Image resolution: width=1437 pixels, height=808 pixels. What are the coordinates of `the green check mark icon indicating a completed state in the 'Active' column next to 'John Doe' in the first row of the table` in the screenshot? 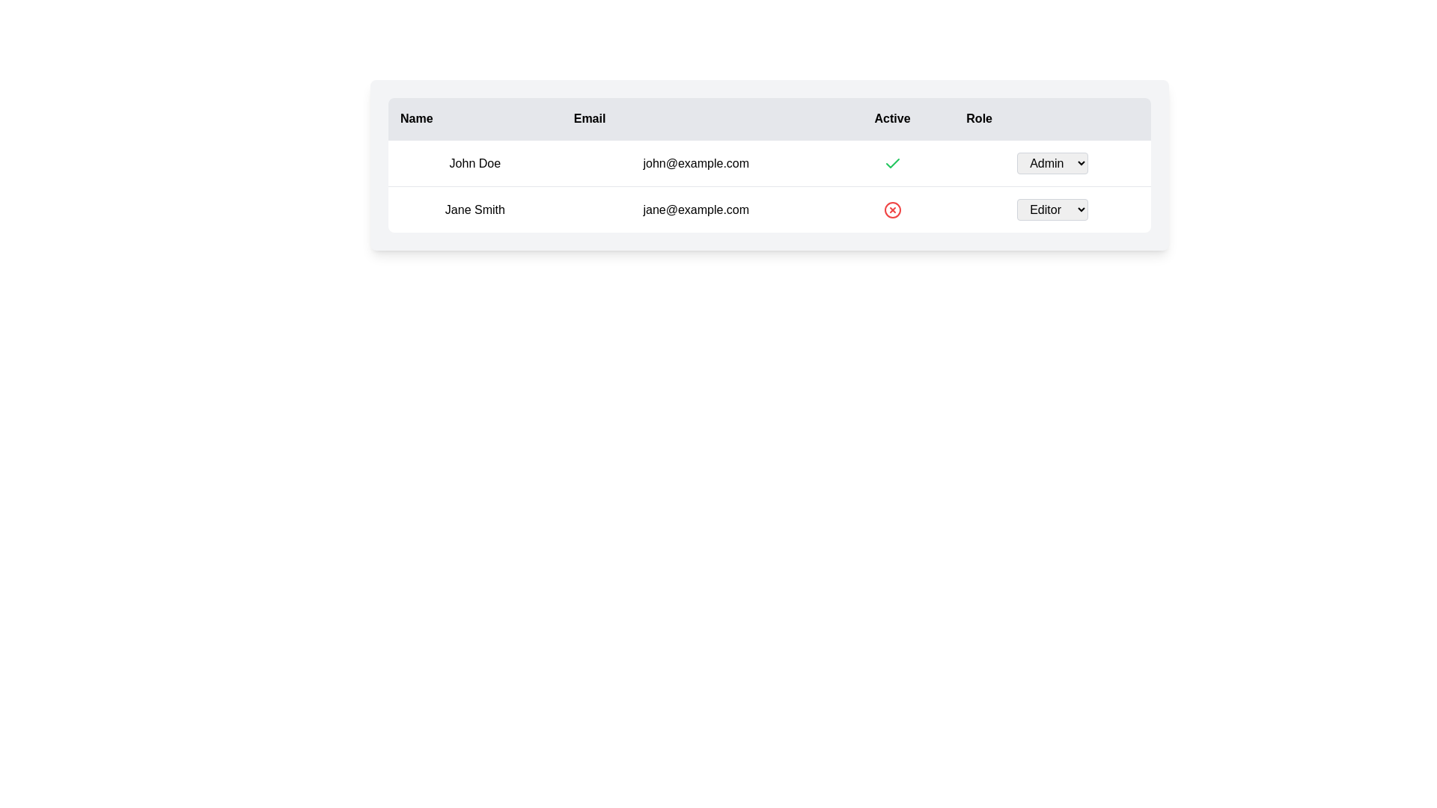 It's located at (892, 163).